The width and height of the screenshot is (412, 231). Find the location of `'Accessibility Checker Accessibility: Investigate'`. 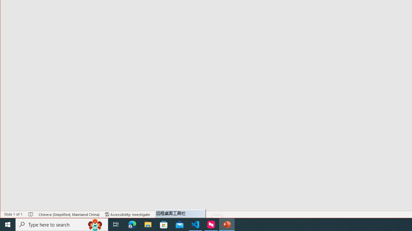

'Accessibility Checker Accessibility: Investigate' is located at coordinates (127, 214).